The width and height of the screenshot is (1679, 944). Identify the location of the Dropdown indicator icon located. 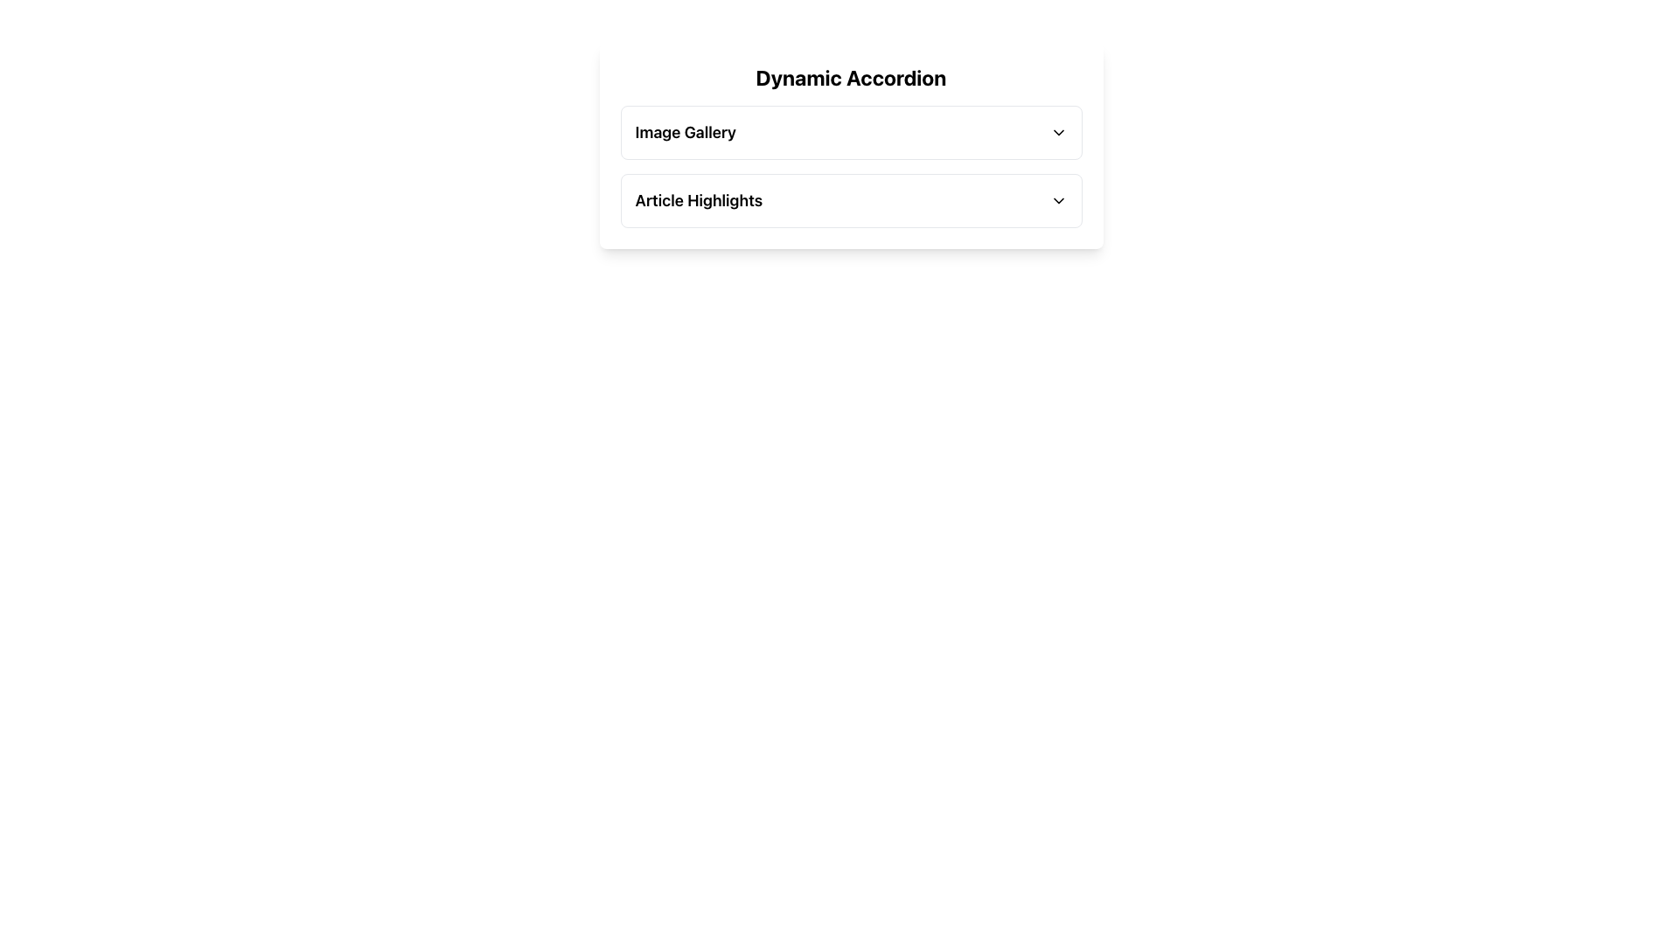
(1057, 200).